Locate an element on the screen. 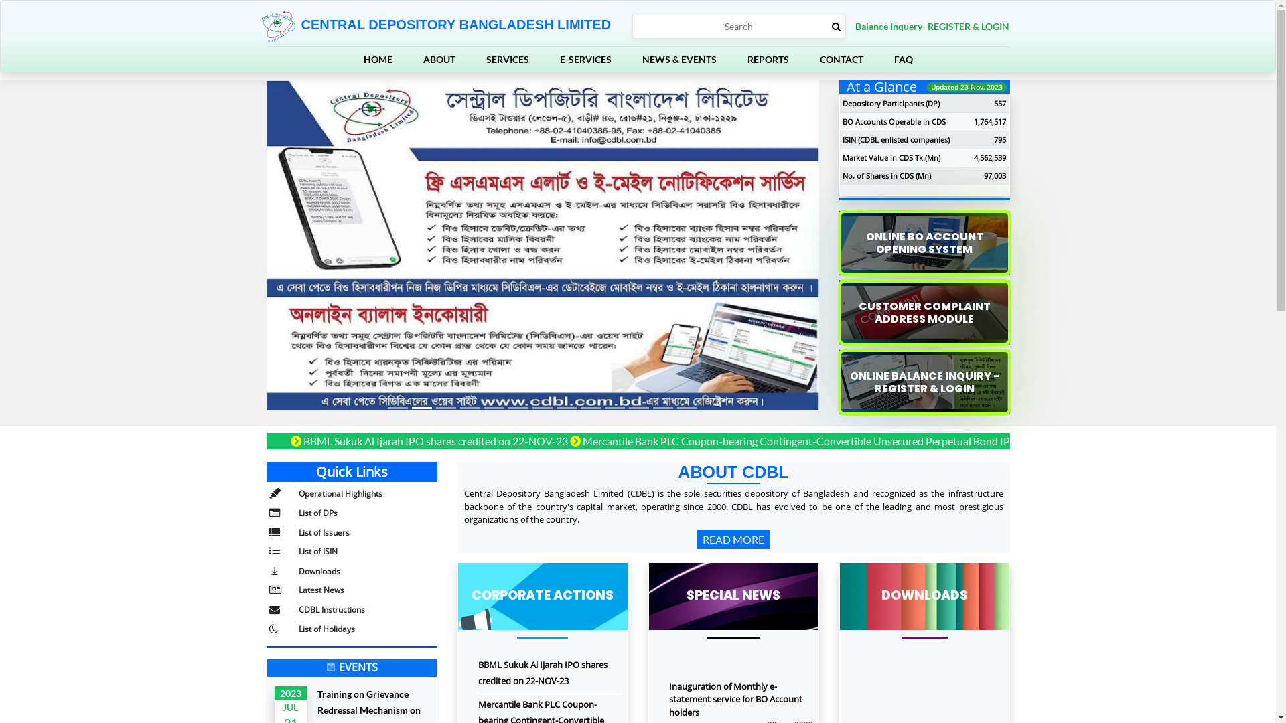  'ONLINE BO ACCOUNT OPENING SYSTEM' is located at coordinates (923, 242).